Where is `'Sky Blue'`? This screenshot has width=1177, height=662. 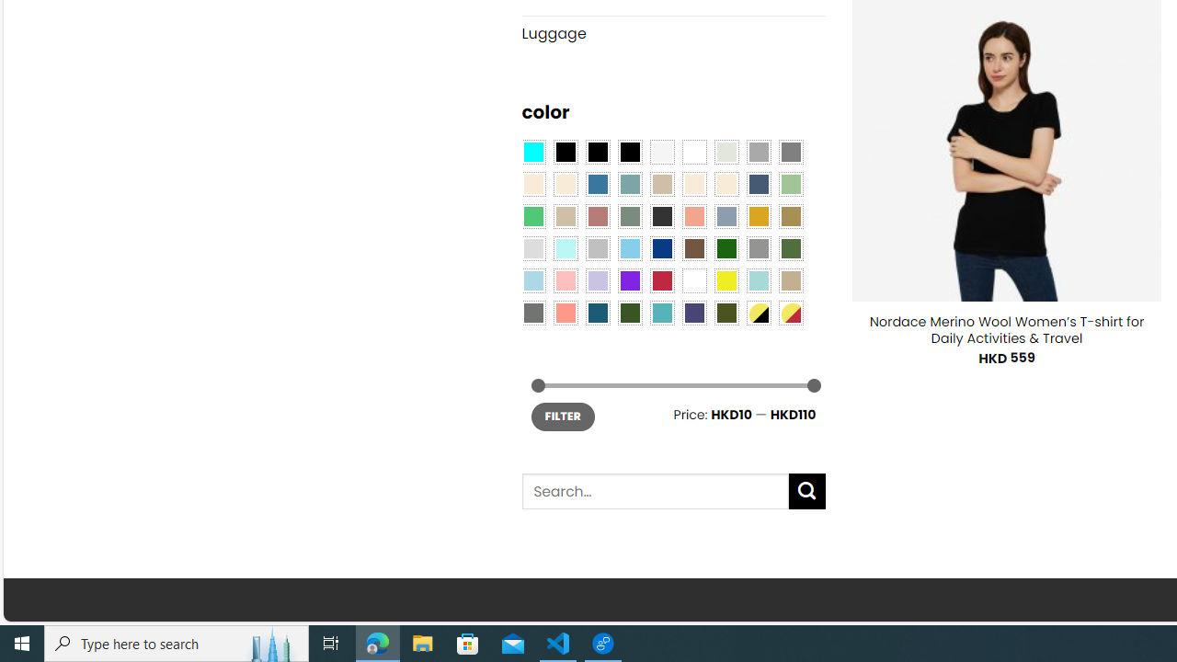
'Sky Blue' is located at coordinates (629, 248).